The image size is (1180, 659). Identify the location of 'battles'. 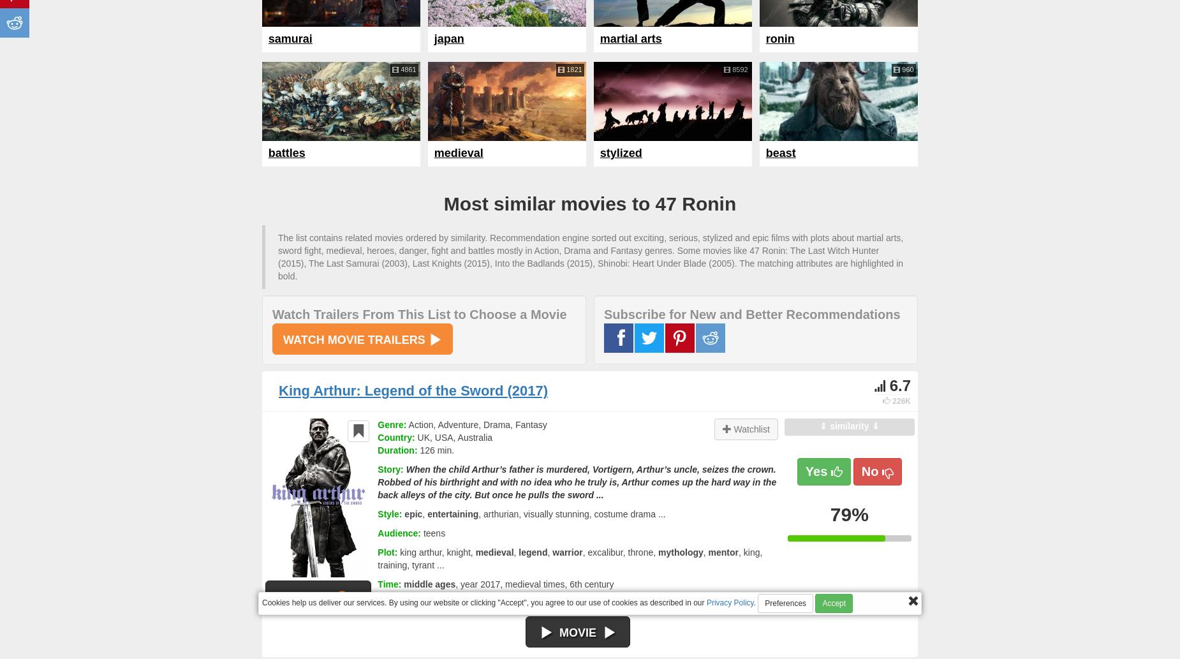
(267, 152).